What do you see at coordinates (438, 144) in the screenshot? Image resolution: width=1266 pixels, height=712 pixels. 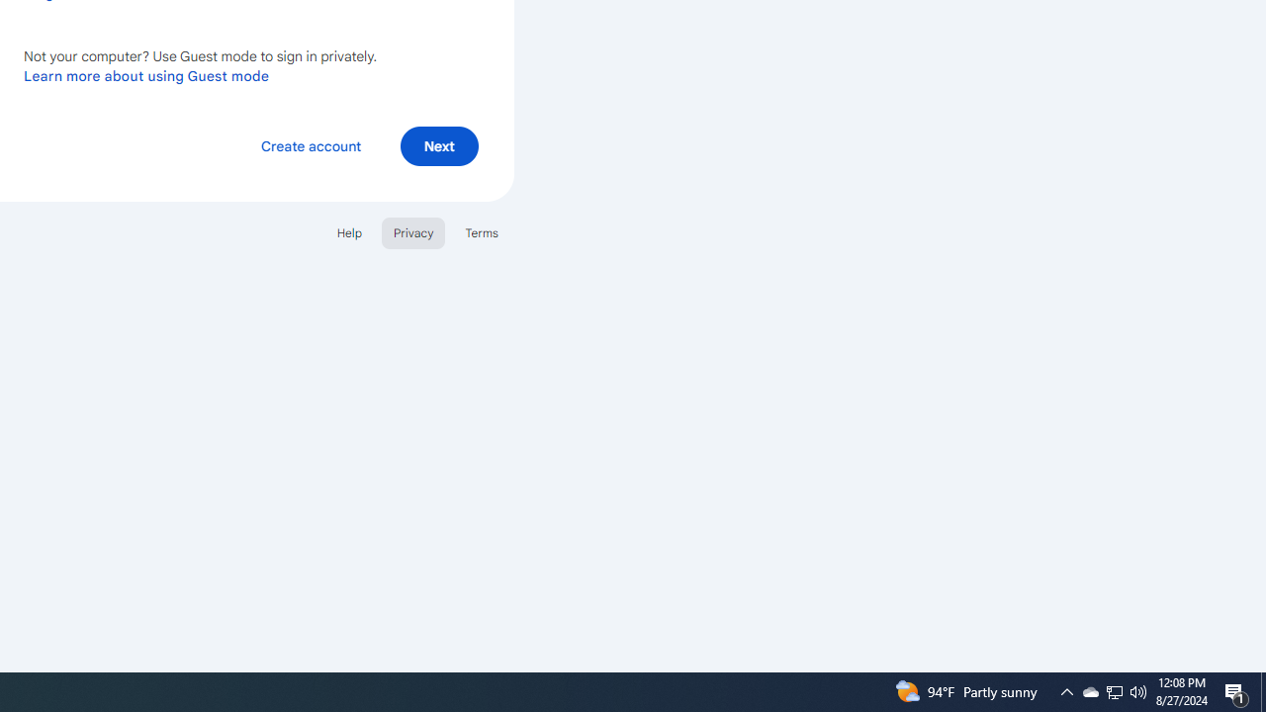 I see `'Next'` at bounding box center [438, 144].